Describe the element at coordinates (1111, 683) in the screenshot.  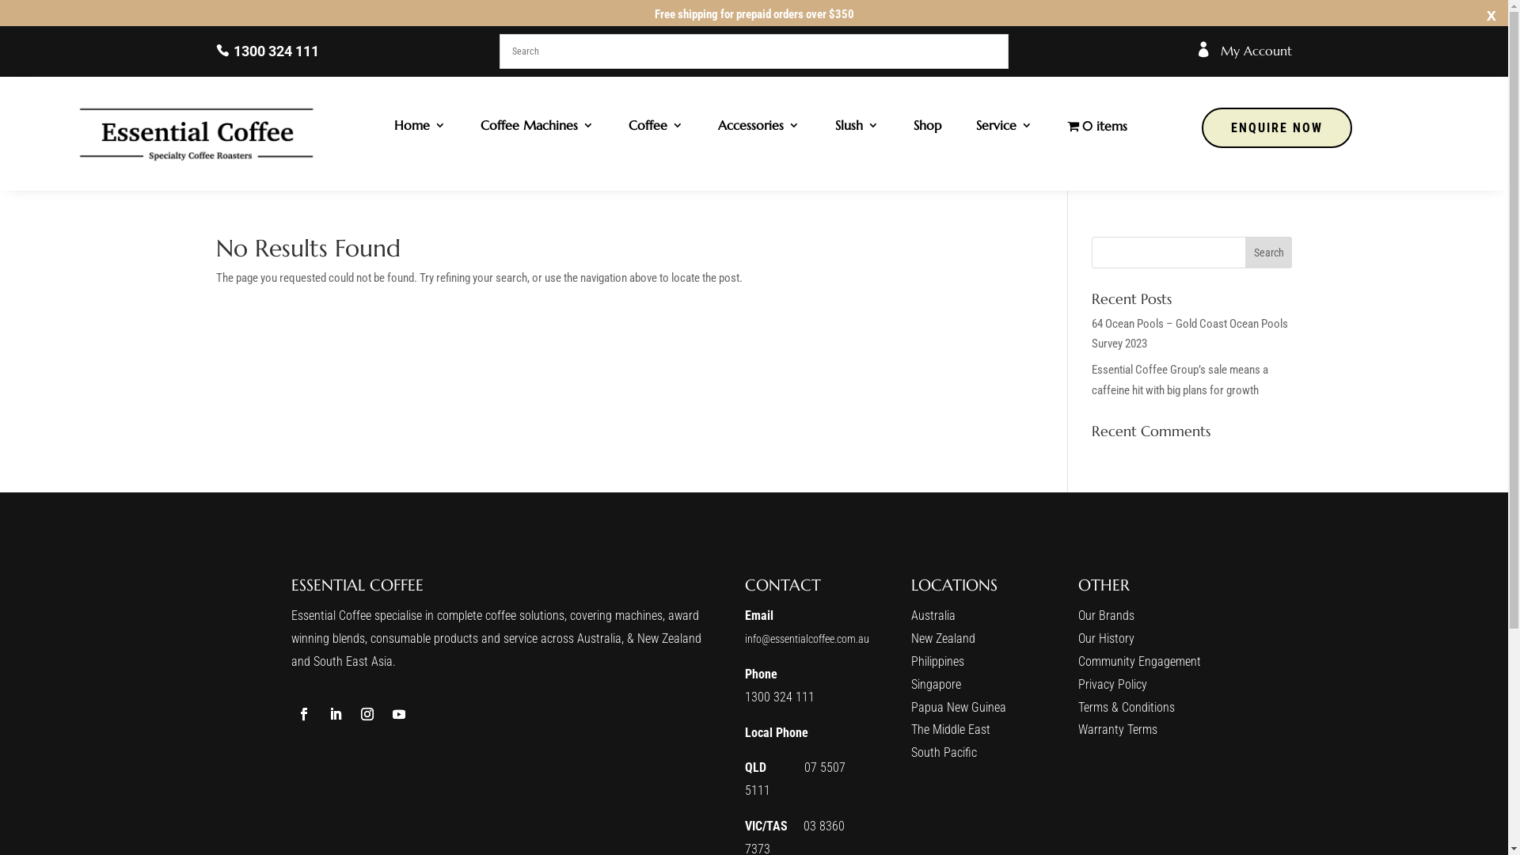
I see `'Privacy Policy'` at that location.